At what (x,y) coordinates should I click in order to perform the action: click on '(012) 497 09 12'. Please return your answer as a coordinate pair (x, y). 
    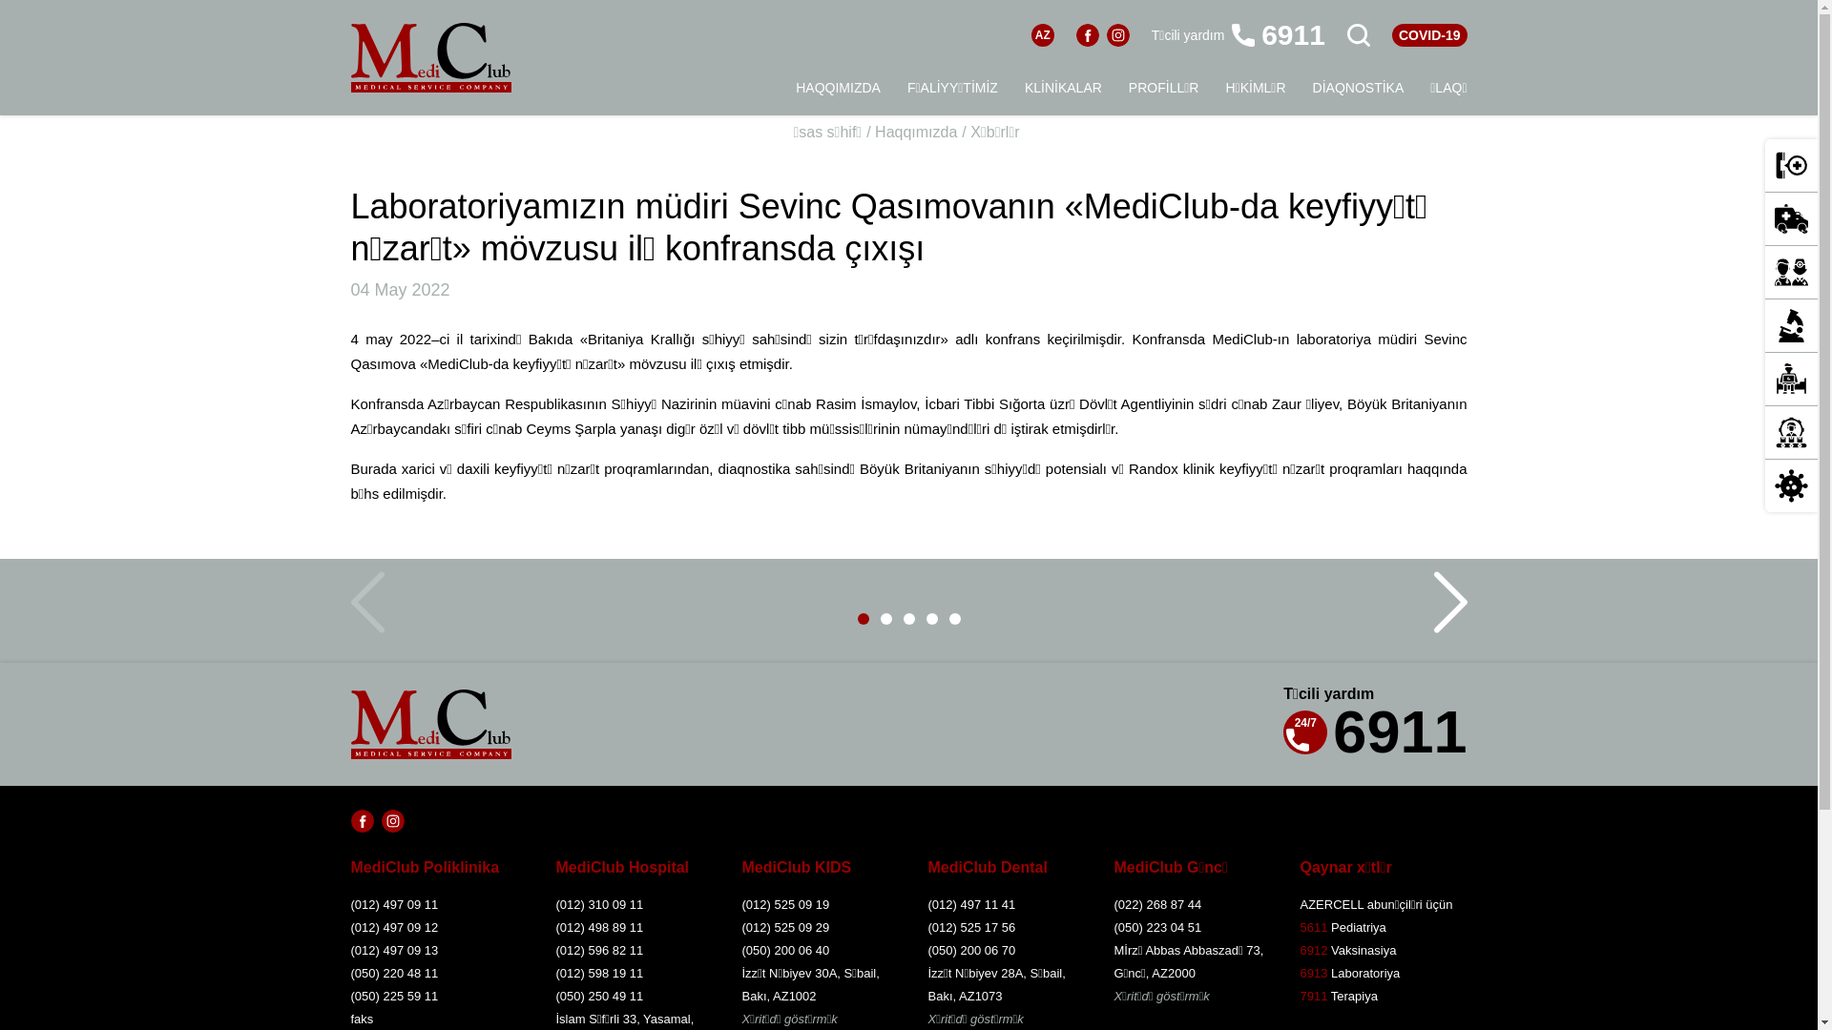
    Looking at the image, I should click on (435, 926).